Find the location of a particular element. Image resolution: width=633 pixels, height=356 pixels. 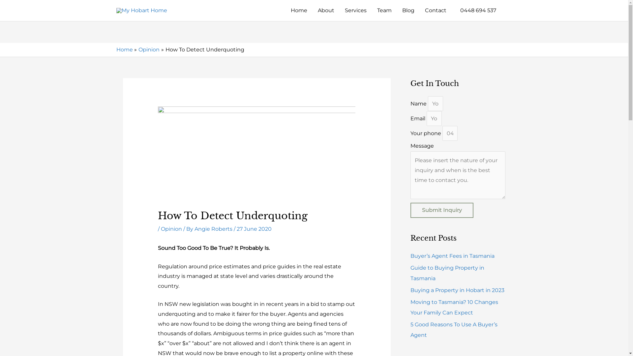

'Opinion' is located at coordinates (148, 49).